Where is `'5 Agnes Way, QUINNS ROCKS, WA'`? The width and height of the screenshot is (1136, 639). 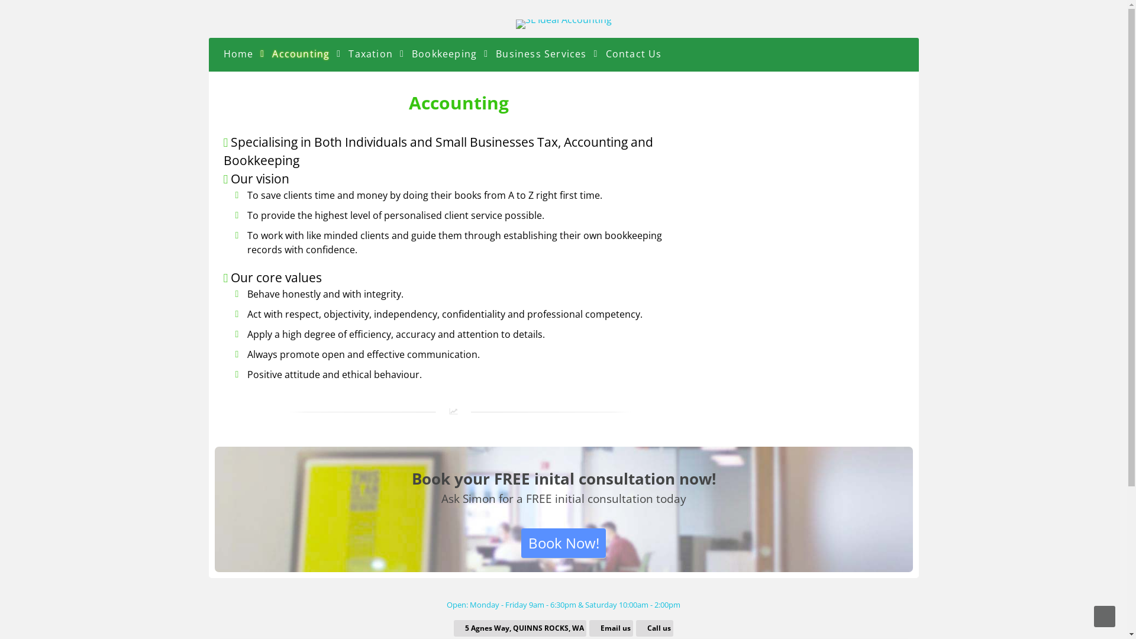 '5 Agnes Way, QUINNS ROCKS, WA' is located at coordinates (521, 627).